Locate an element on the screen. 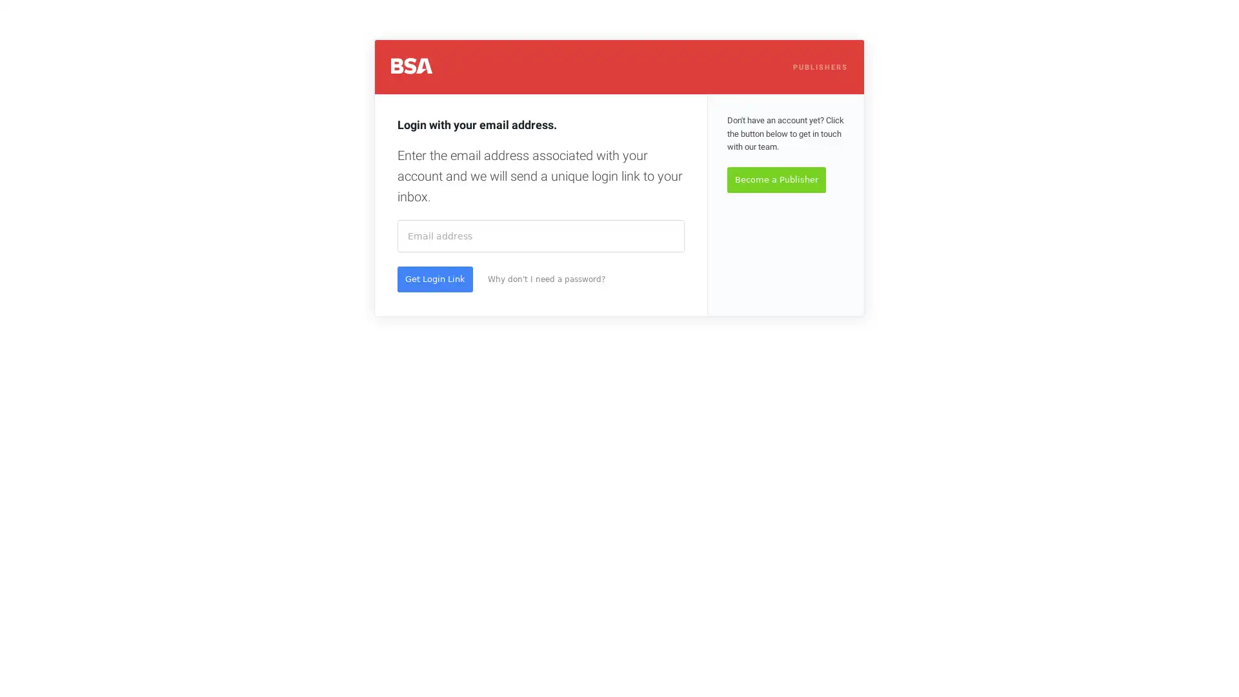 Image resolution: width=1239 pixels, height=697 pixels. Become a Publisher is located at coordinates (776, 179).